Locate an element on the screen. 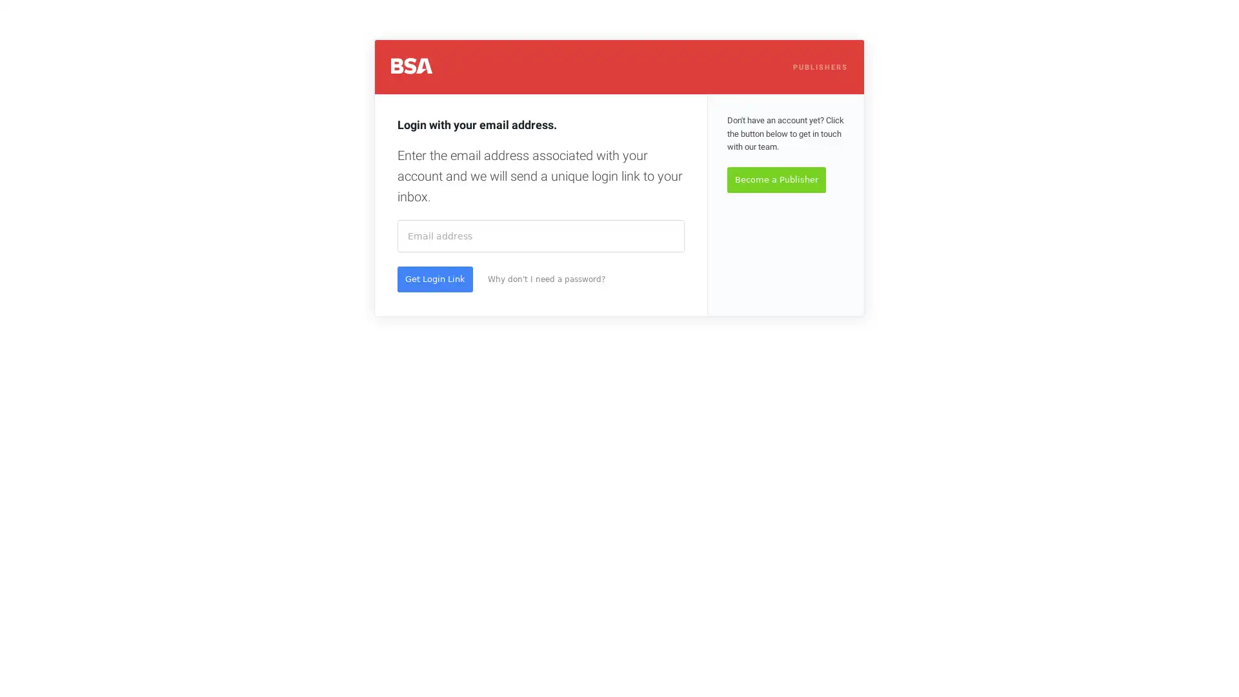 Image resolution: width=1239 pixels, height=697 pixels. Become a Publisher is located at coordinates (776, 179).